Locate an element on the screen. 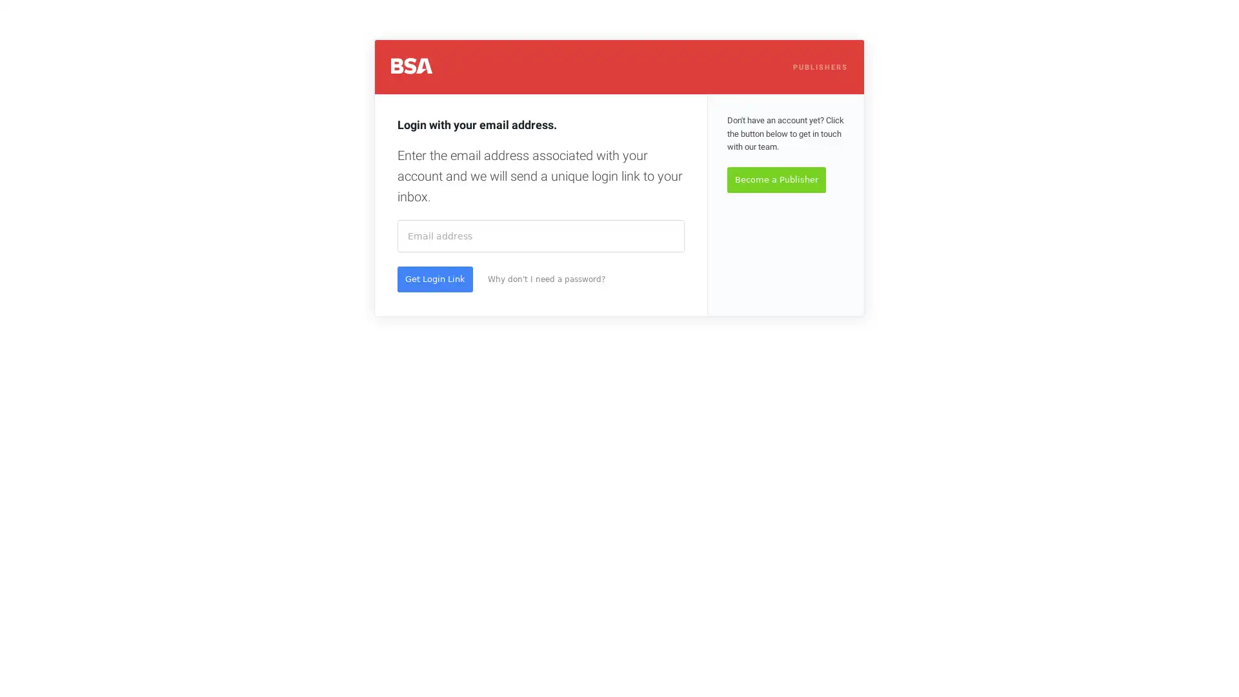 Image resolution: width=1239 pixels, height=697 pixels. Become a Publisher is located at coordinates (776, 179).